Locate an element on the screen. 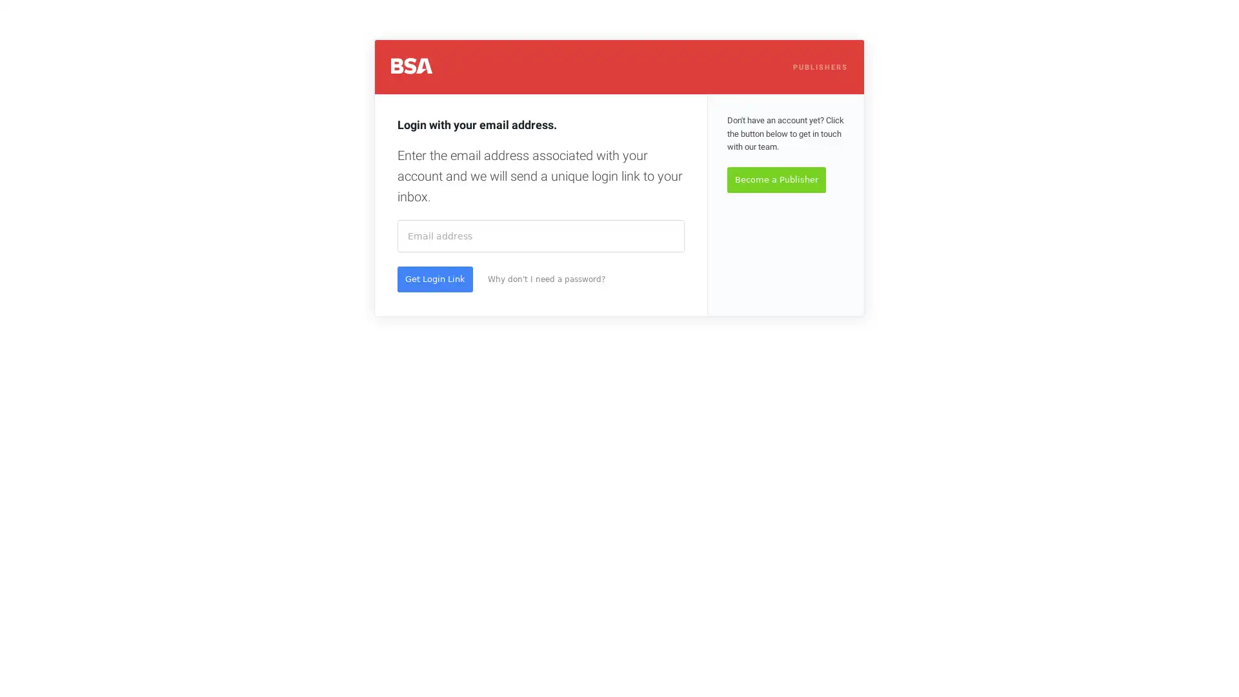 Image resolution: width=1239 pixels, height=697 pixels. Become a Publisher is located at coordinates (776, 179).